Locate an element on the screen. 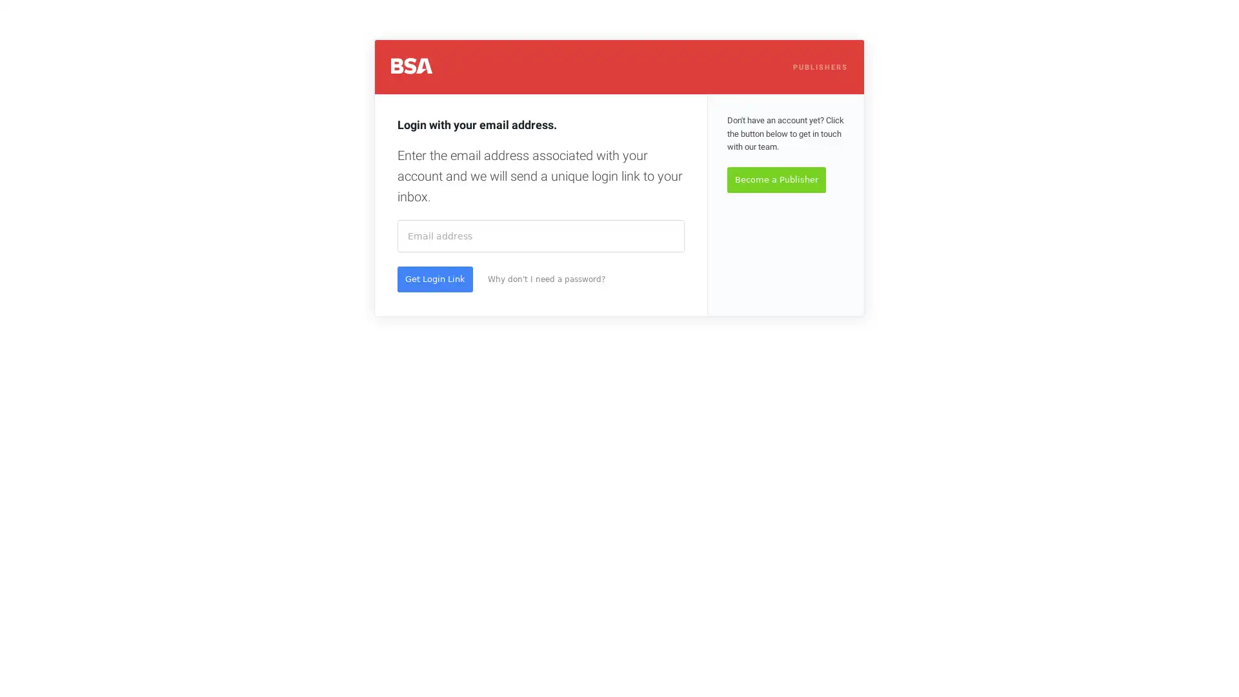 Image resolution: width=1239 pixels, height=697 pixels. Become a Publisher is located at coordinates (776, 179).